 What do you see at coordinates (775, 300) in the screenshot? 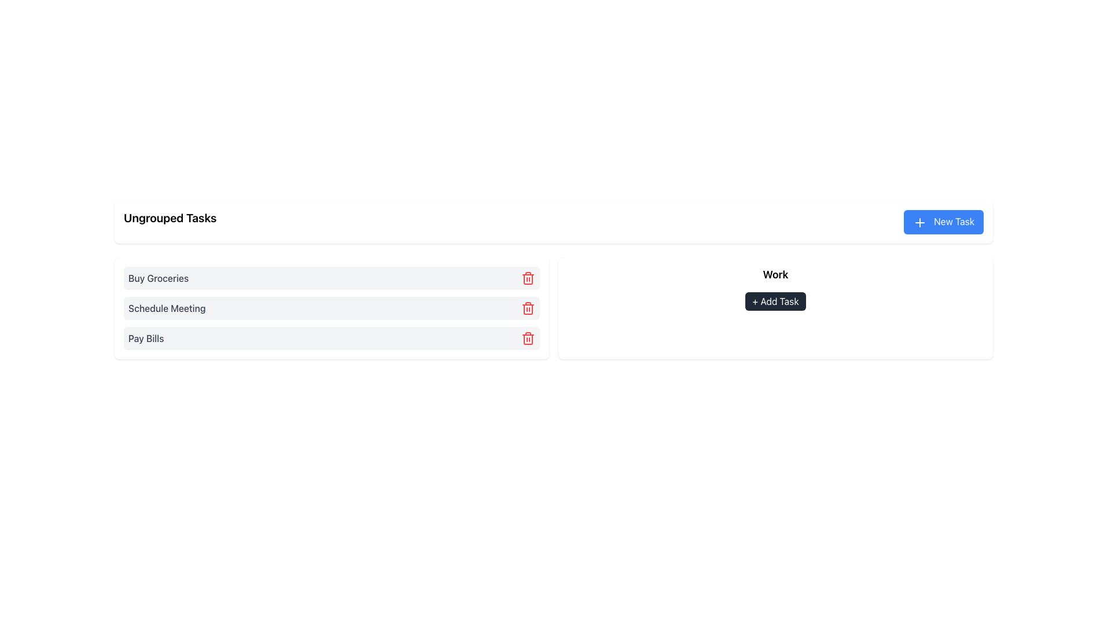
I see `the '+ Add Task' button with a dark gray background and white text` at bounding box center [775, 300].